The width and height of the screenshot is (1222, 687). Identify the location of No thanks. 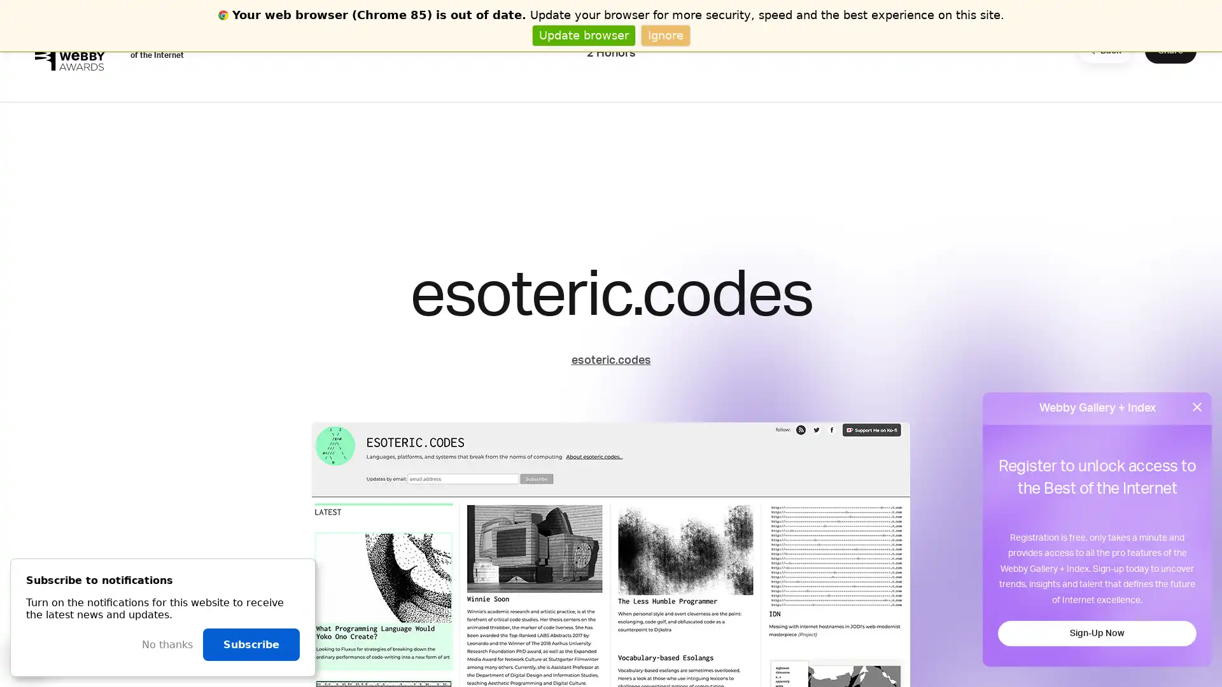
(167, 644).